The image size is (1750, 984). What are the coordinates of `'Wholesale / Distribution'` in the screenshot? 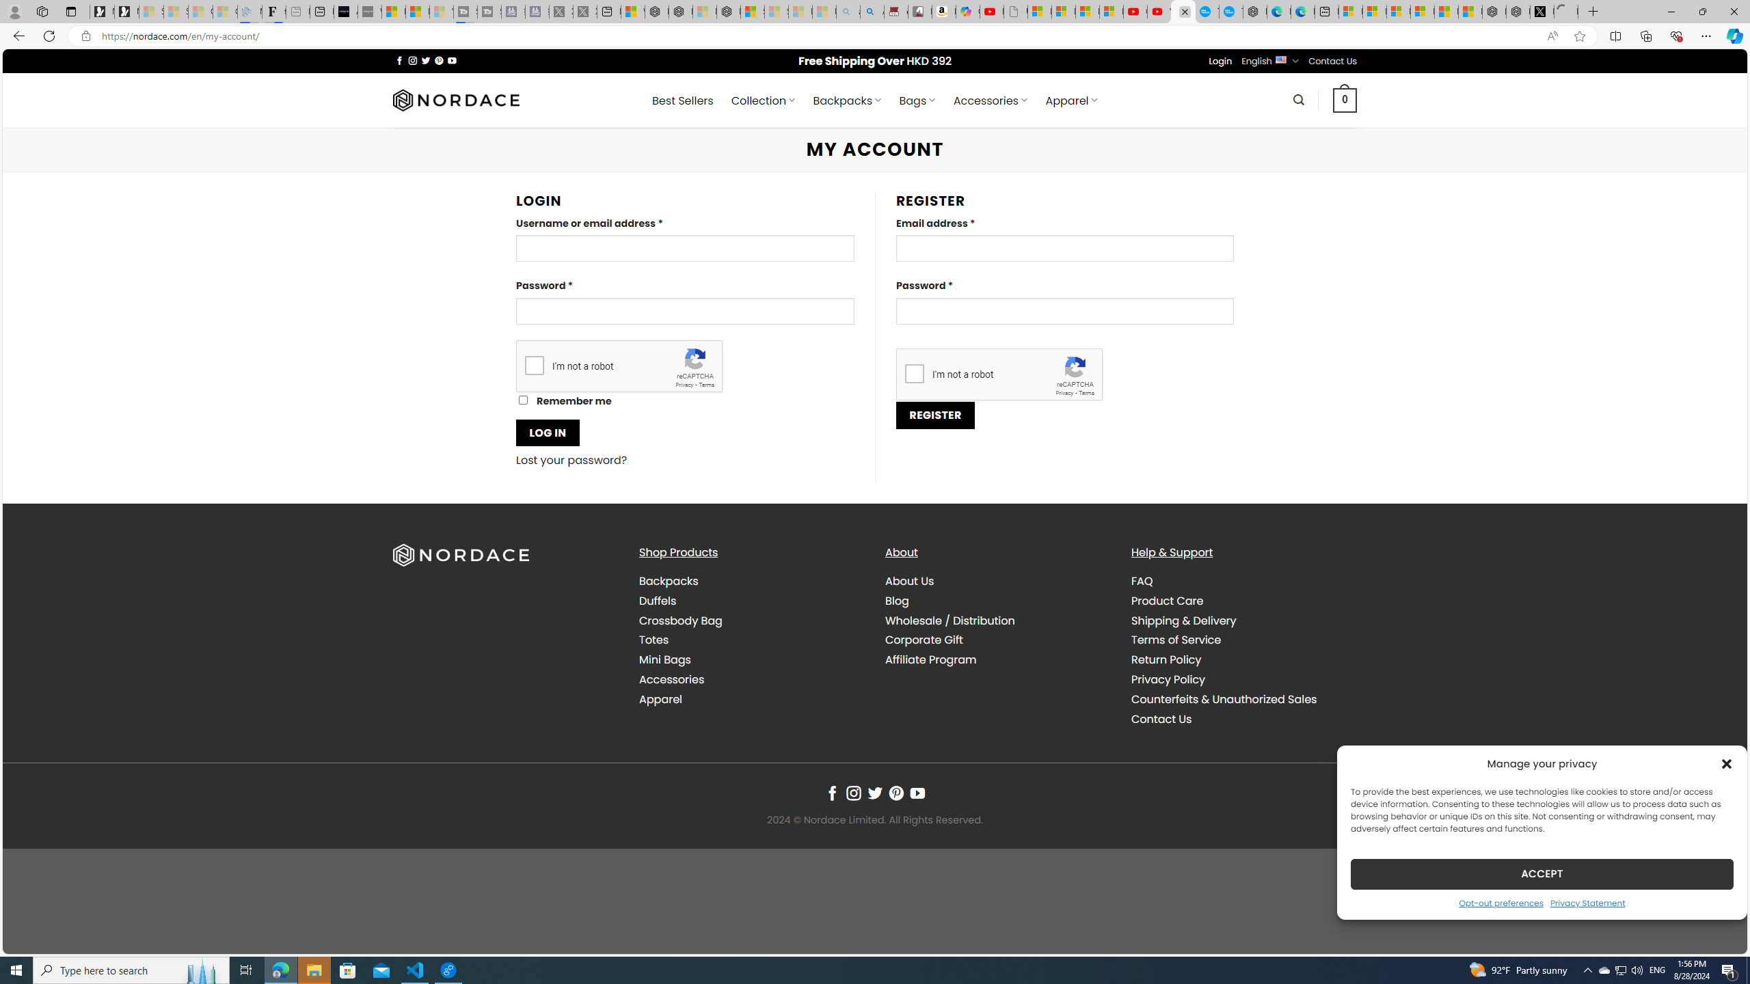 It's located at (997, 620).